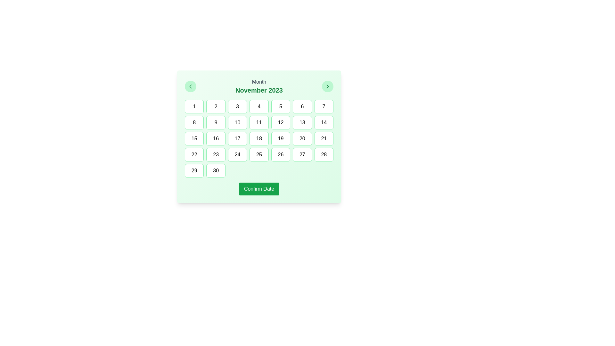 The width and height of the screenshot is (615, 346). Describe the element at coordinates (324, 154) in the screenshot. I see `the calendar date button labeled '28', which is a rectangular button with a white background and a green border, located in the bottom-right corner of the calendar grid` at that location.